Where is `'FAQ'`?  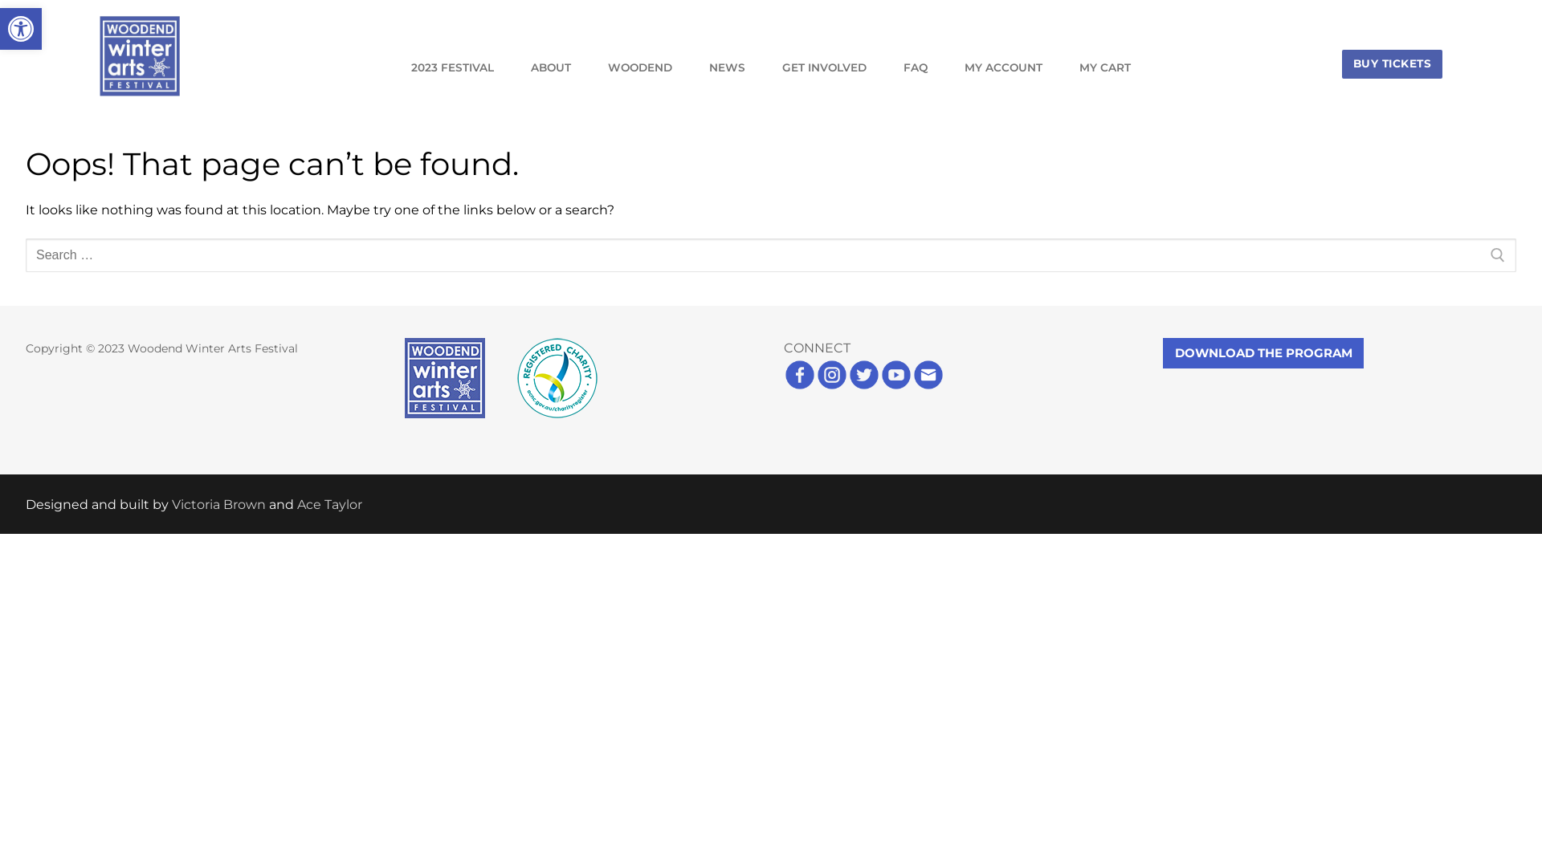 'FAQ' is located at coordinates (916, 67).